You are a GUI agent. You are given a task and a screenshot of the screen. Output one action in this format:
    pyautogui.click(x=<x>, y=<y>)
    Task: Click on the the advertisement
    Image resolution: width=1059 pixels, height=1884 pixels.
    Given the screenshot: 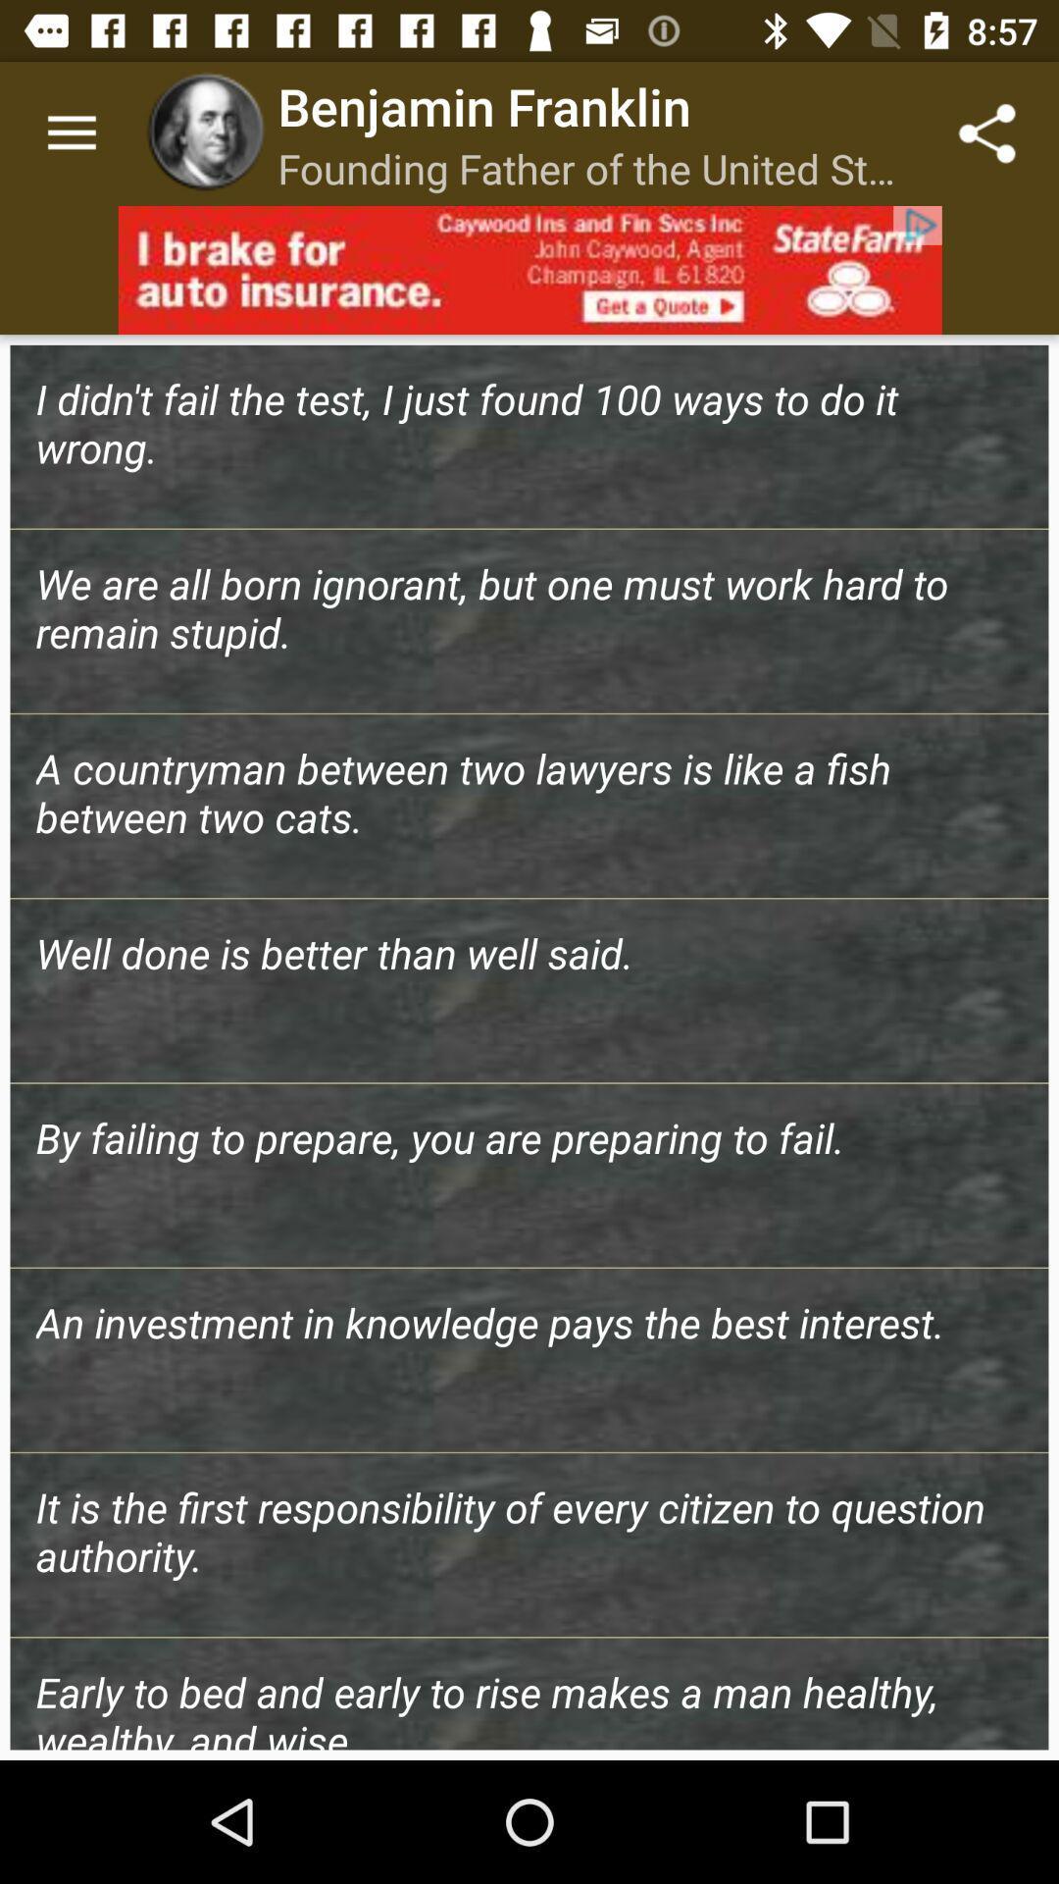 What is the action you would take?
    pyautogui.click(x=529, y=269)
    